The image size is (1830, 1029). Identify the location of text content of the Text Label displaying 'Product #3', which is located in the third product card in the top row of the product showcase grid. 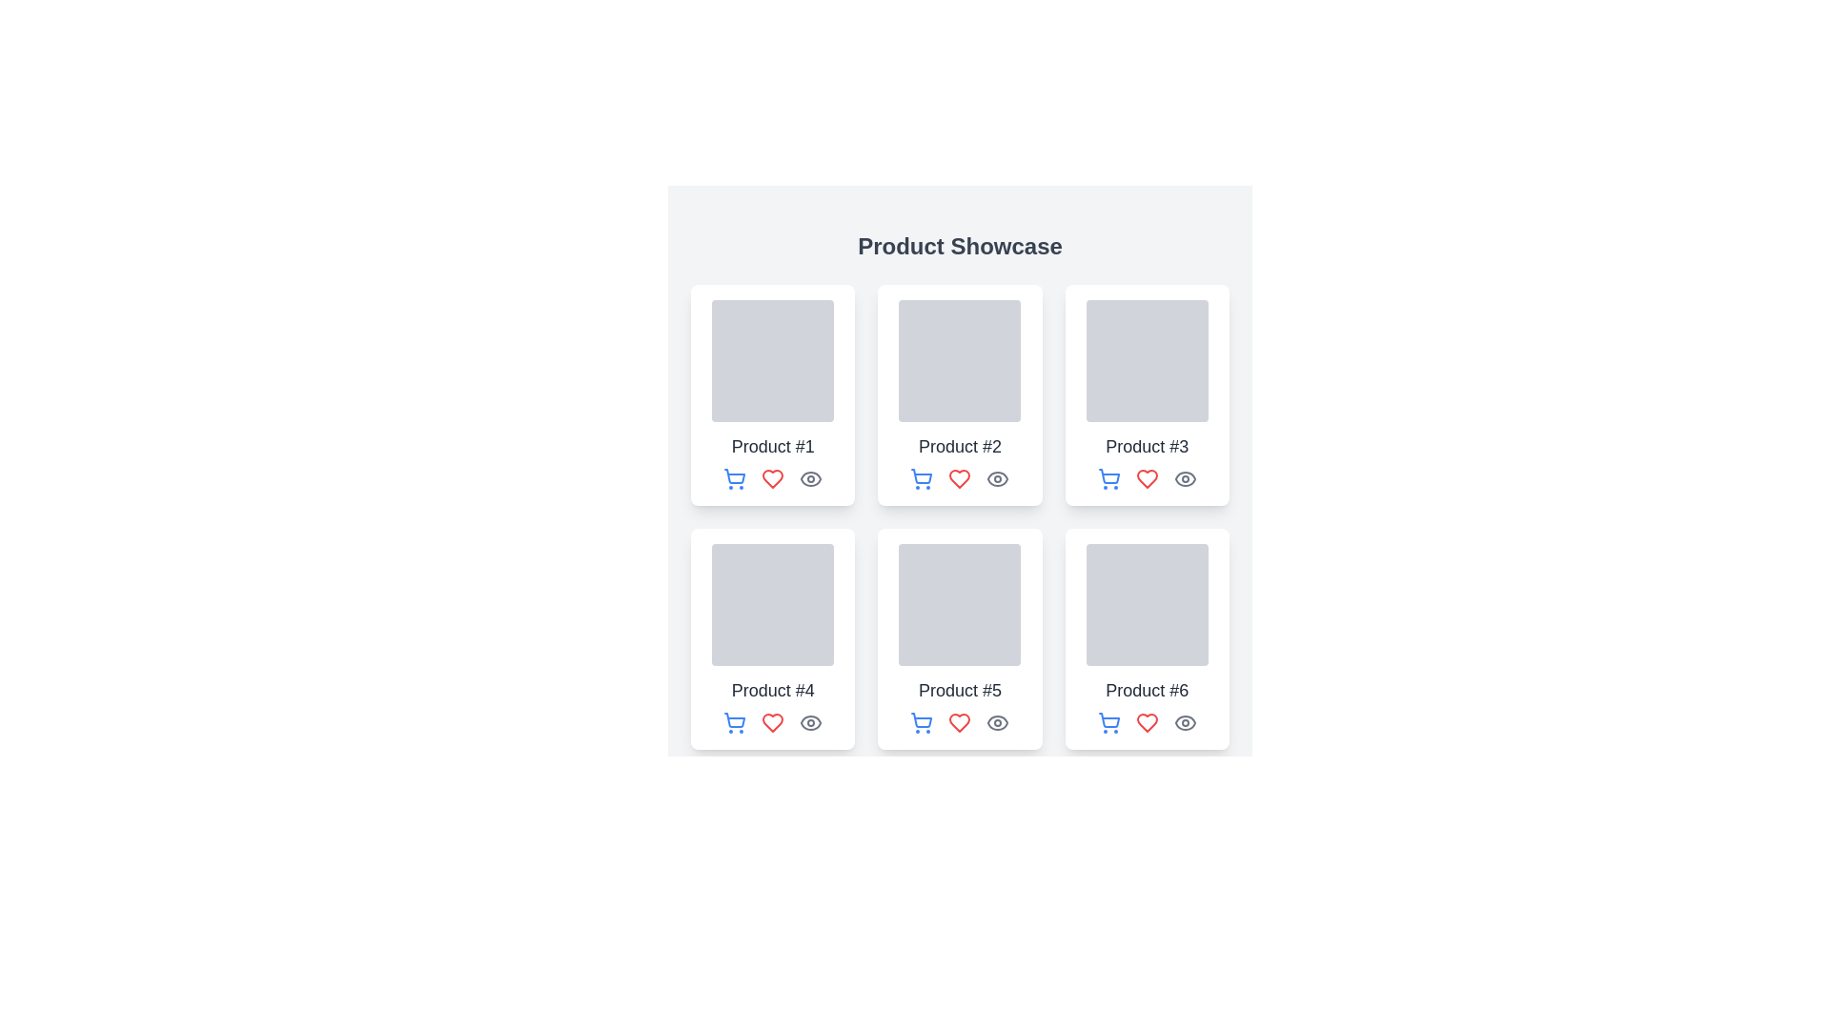
(1146, 447).